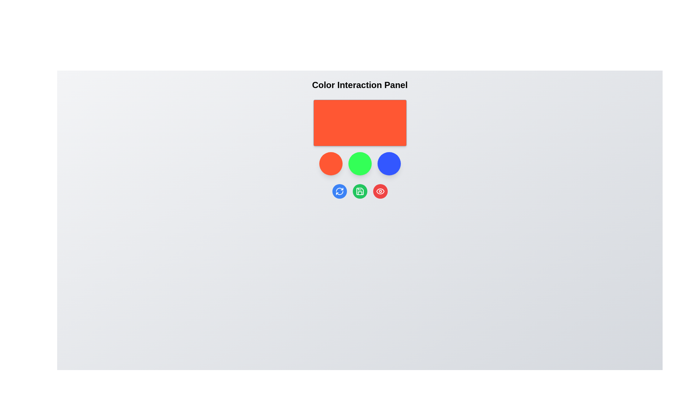 This screenshot has width=699, height=393. What do you see at coordinates (360, 164) in the screenshot?
I see `the bright green circular button located centrally between the red circular button and the blue circular button, positioned below a rectangular red panel` at bounding box center [360, 164].